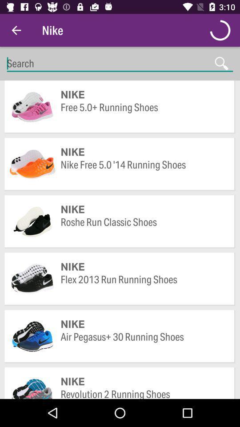 The height and width of the screenshot is (427, 240). Describe the element at coordinates (143, 286) in the screenshot. I see `the flex 2013 run icon` at that location.